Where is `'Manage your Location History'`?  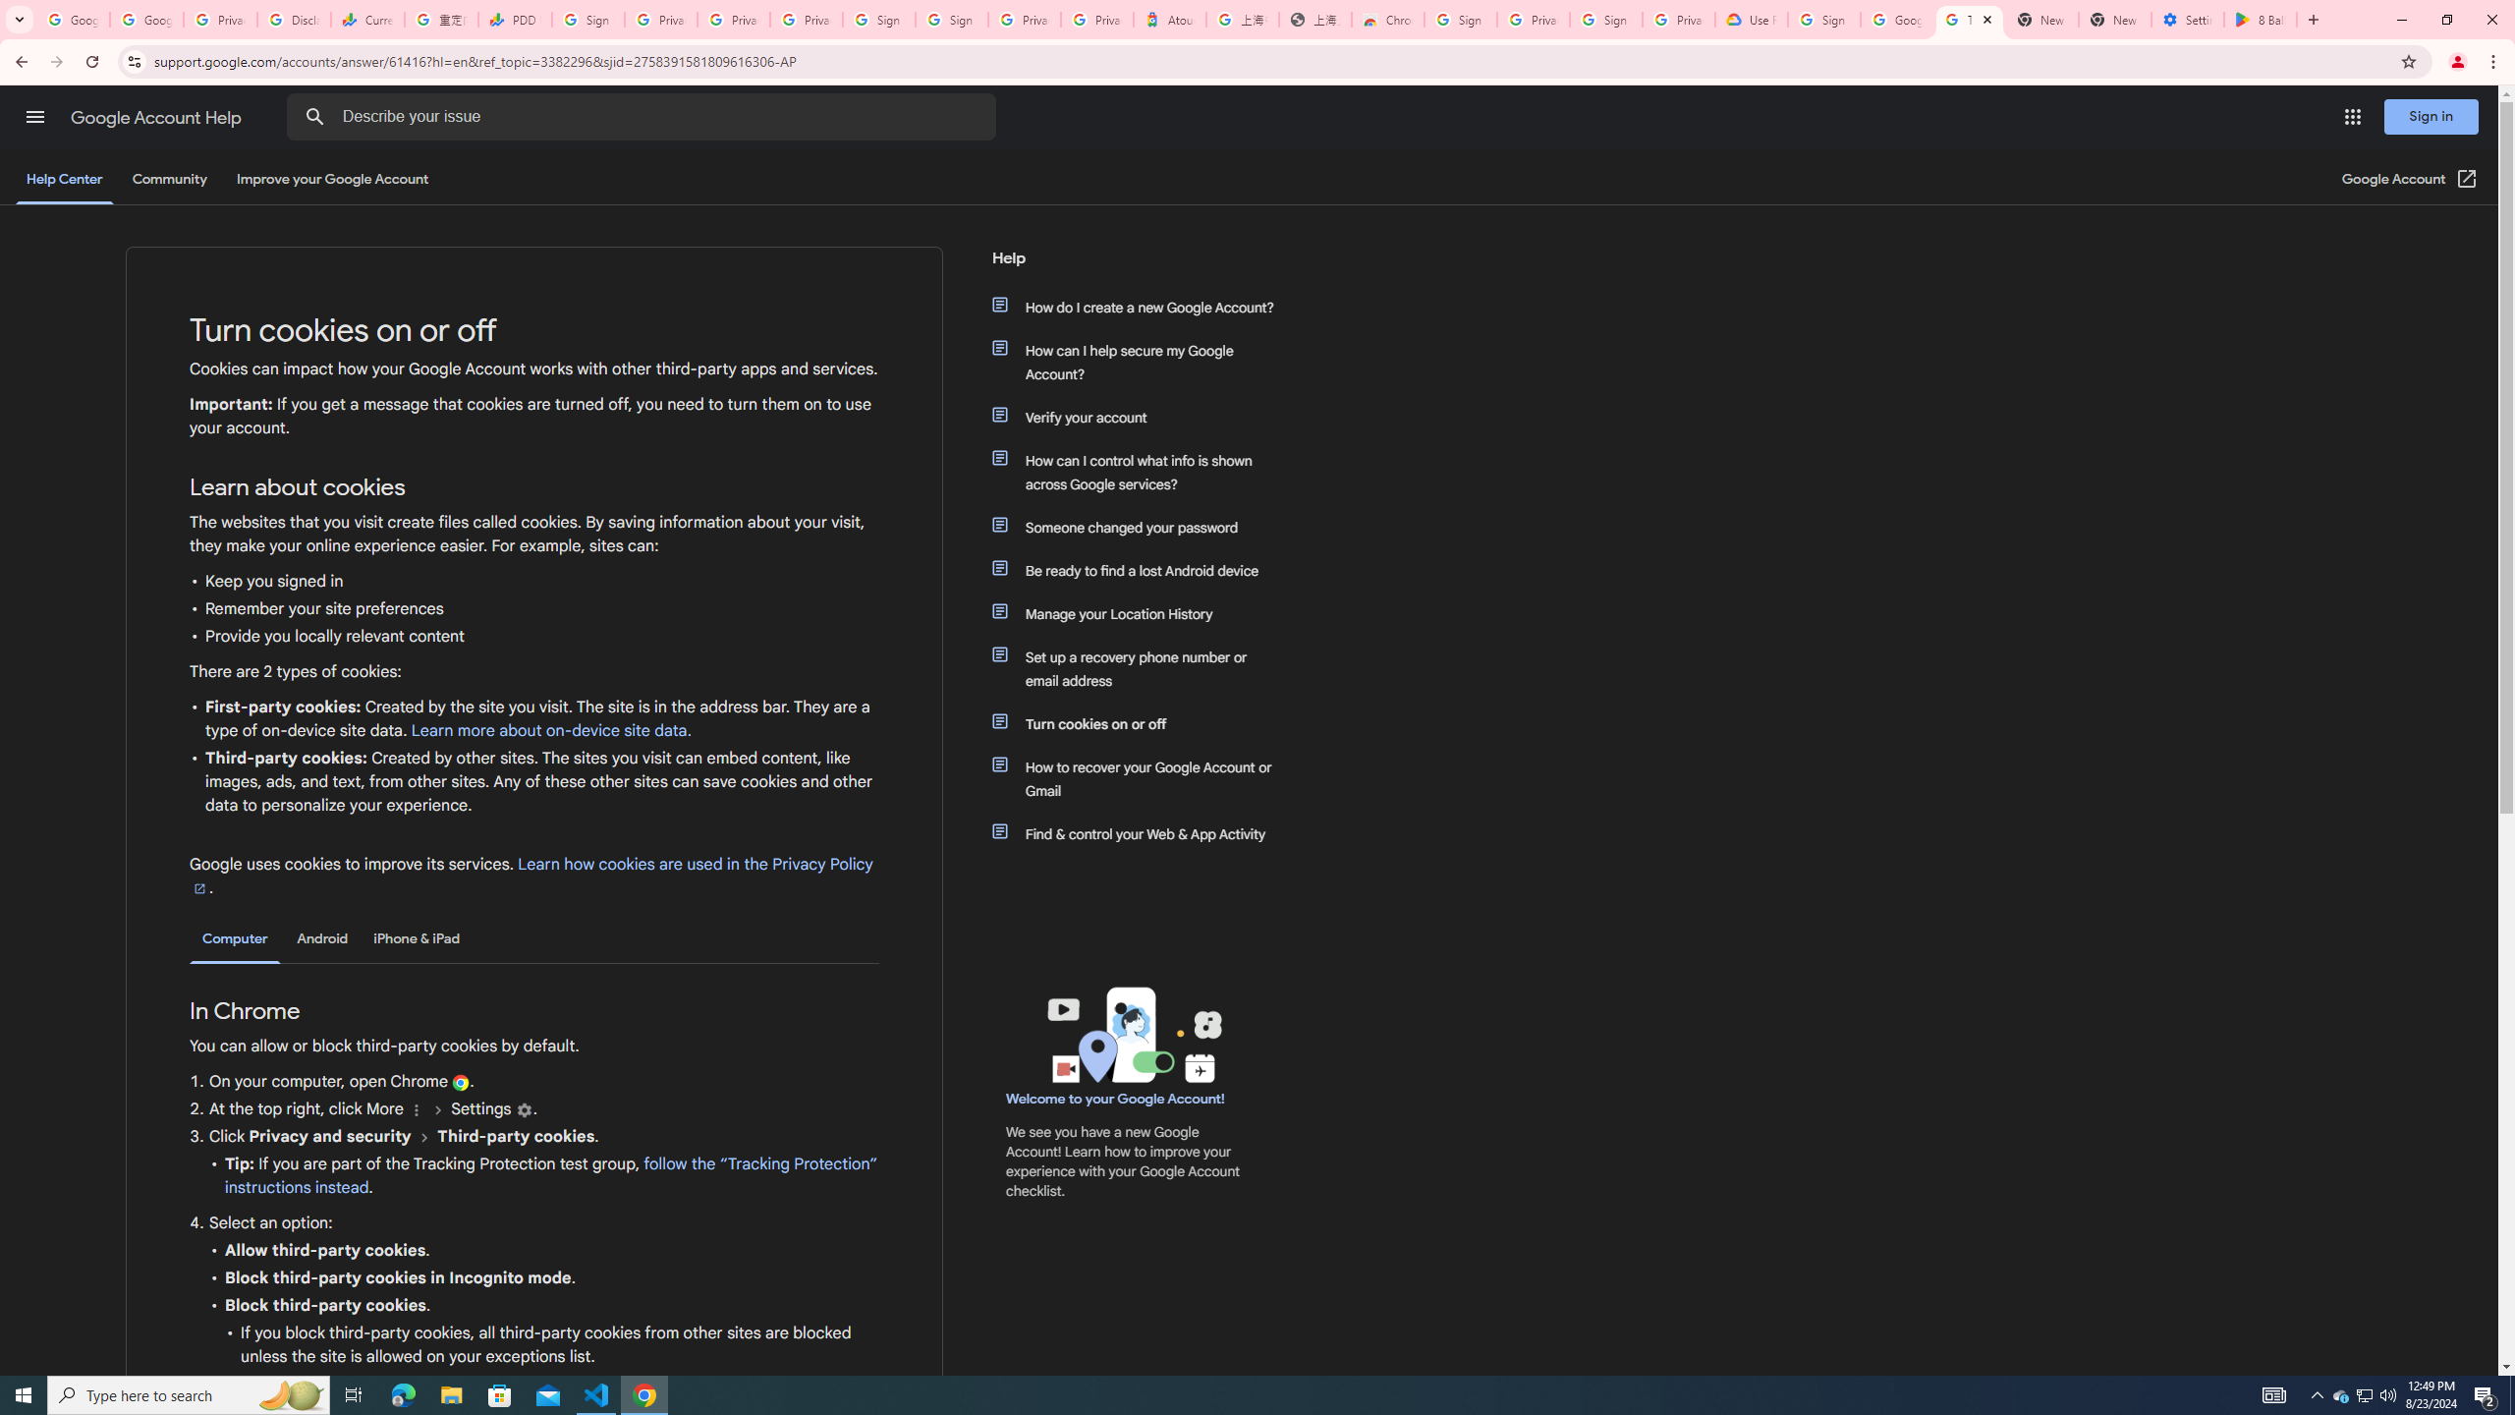
'Manage your Location History' is located at coordinates (1142, 613).